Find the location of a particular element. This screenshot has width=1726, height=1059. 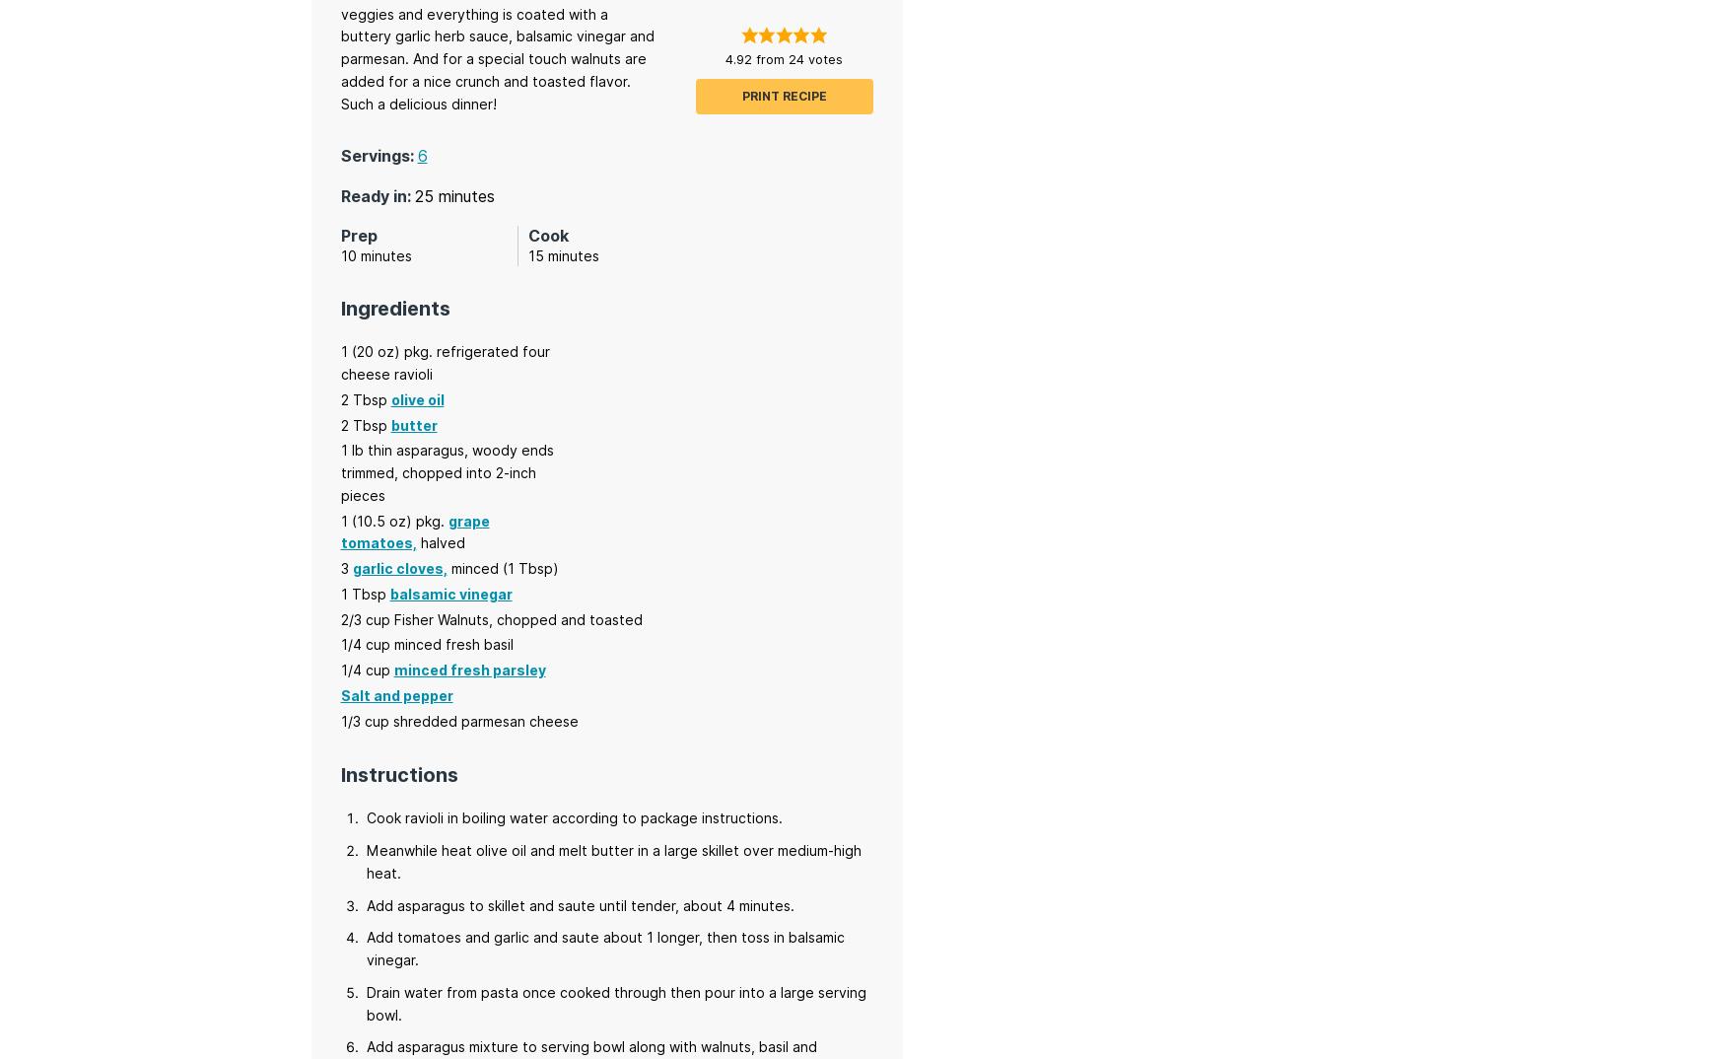

'Fisher Walnuts,' is located at coordinates (442, 618).